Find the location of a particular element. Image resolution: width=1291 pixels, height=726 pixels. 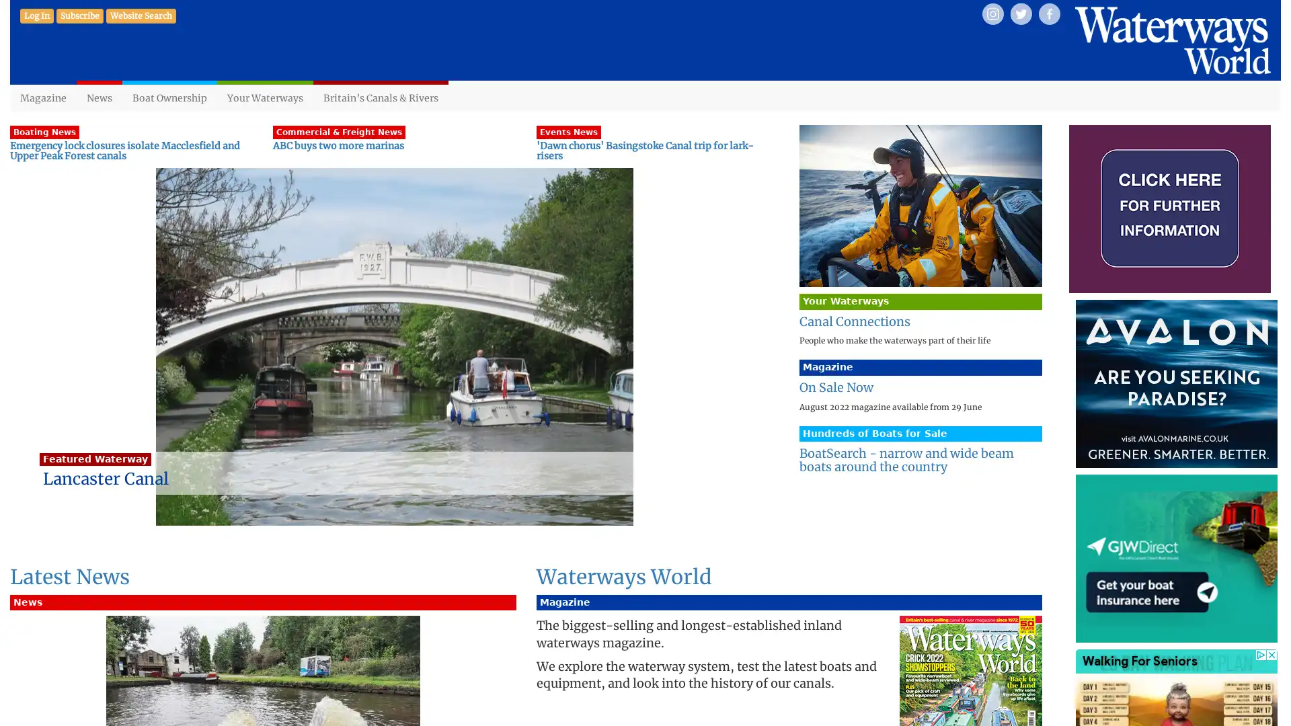

Website Search is located at coordinates (141, 15).